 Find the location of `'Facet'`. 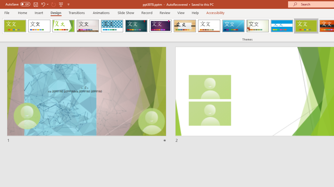

'Facet' is located at coordinates (63, 26).